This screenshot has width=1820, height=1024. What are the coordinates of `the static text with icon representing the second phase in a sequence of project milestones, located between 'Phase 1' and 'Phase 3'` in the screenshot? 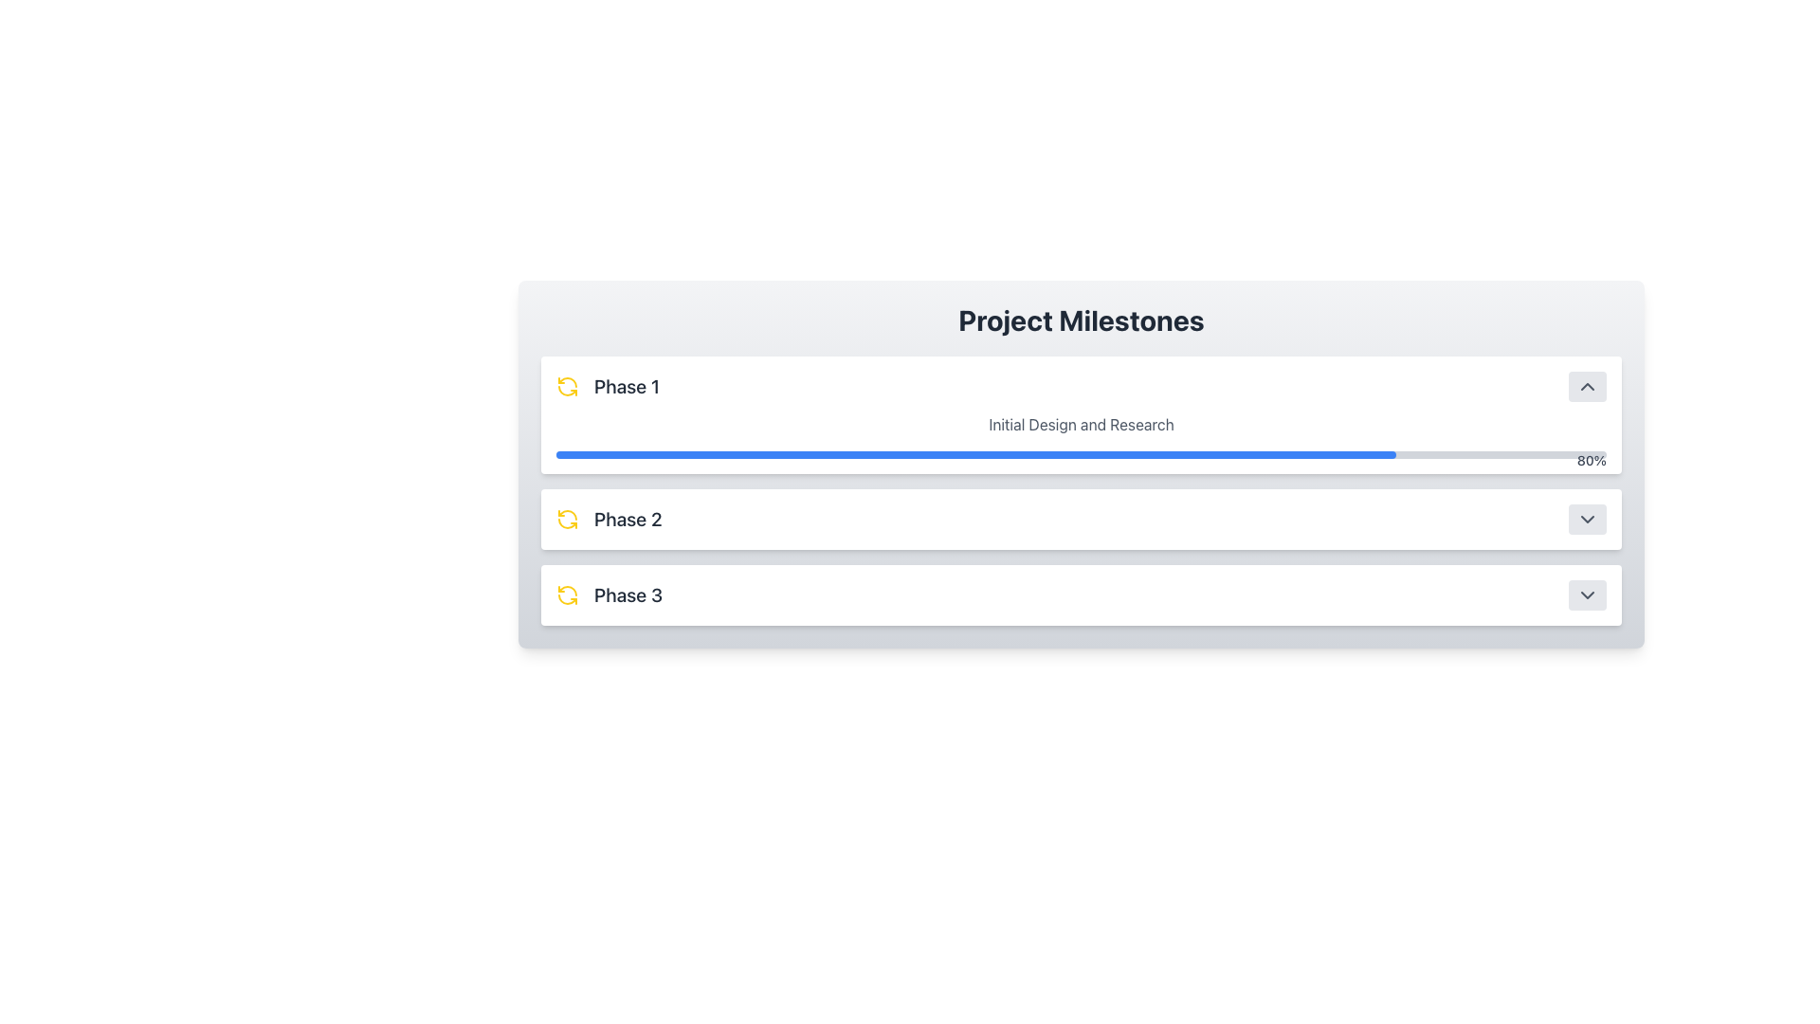 It's located at (609, 519).